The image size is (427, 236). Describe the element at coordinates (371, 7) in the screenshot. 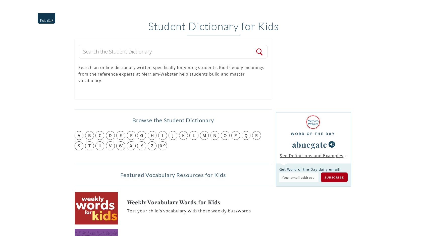

I see `'More'` at that location.